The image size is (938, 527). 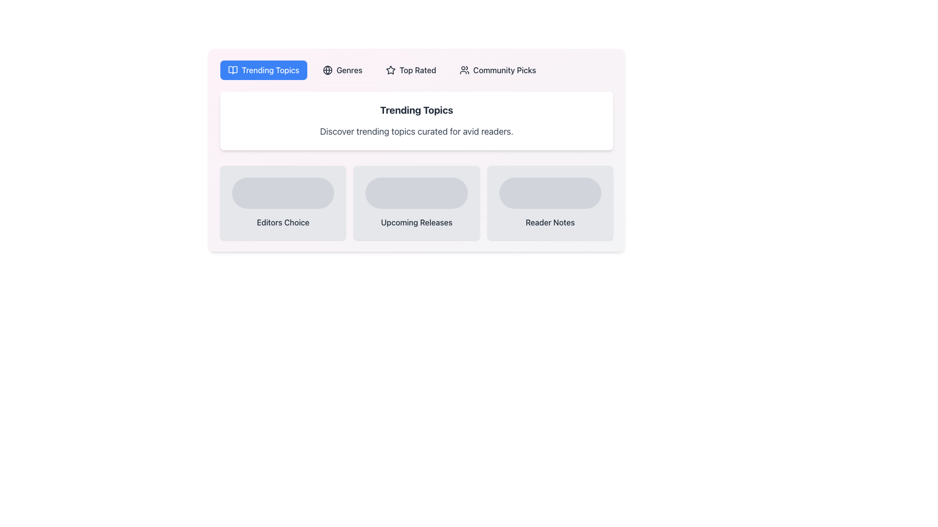 I want to click on the 'Community Picks' text label located in the upper-right quadrant of the menu bar, so click(x=505, y=69).